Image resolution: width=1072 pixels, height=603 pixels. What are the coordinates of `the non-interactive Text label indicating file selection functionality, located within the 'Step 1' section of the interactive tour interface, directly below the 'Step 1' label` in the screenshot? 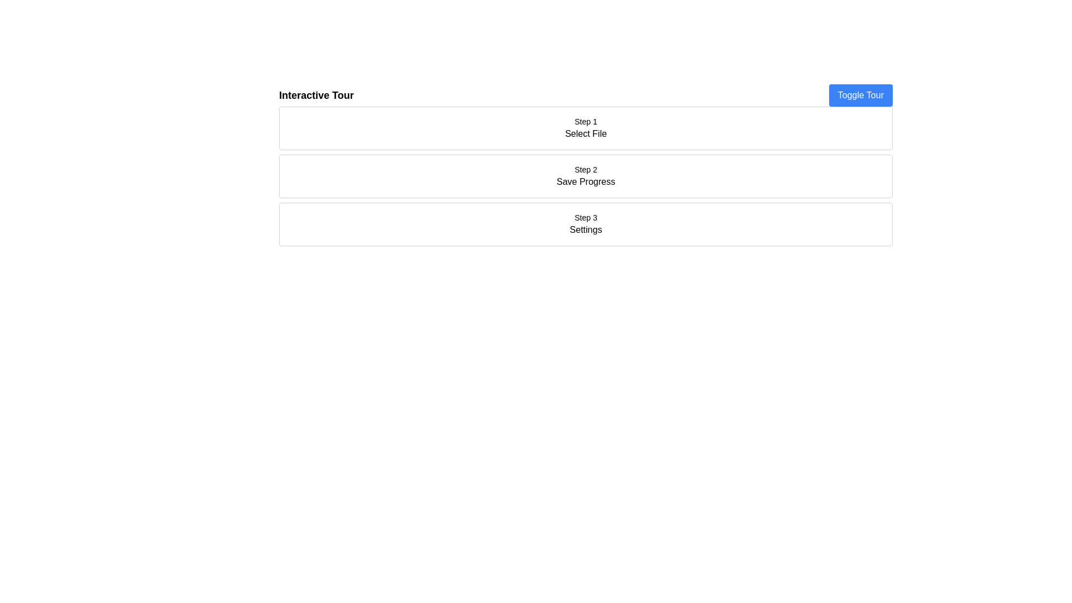 It's located at (585, 133).